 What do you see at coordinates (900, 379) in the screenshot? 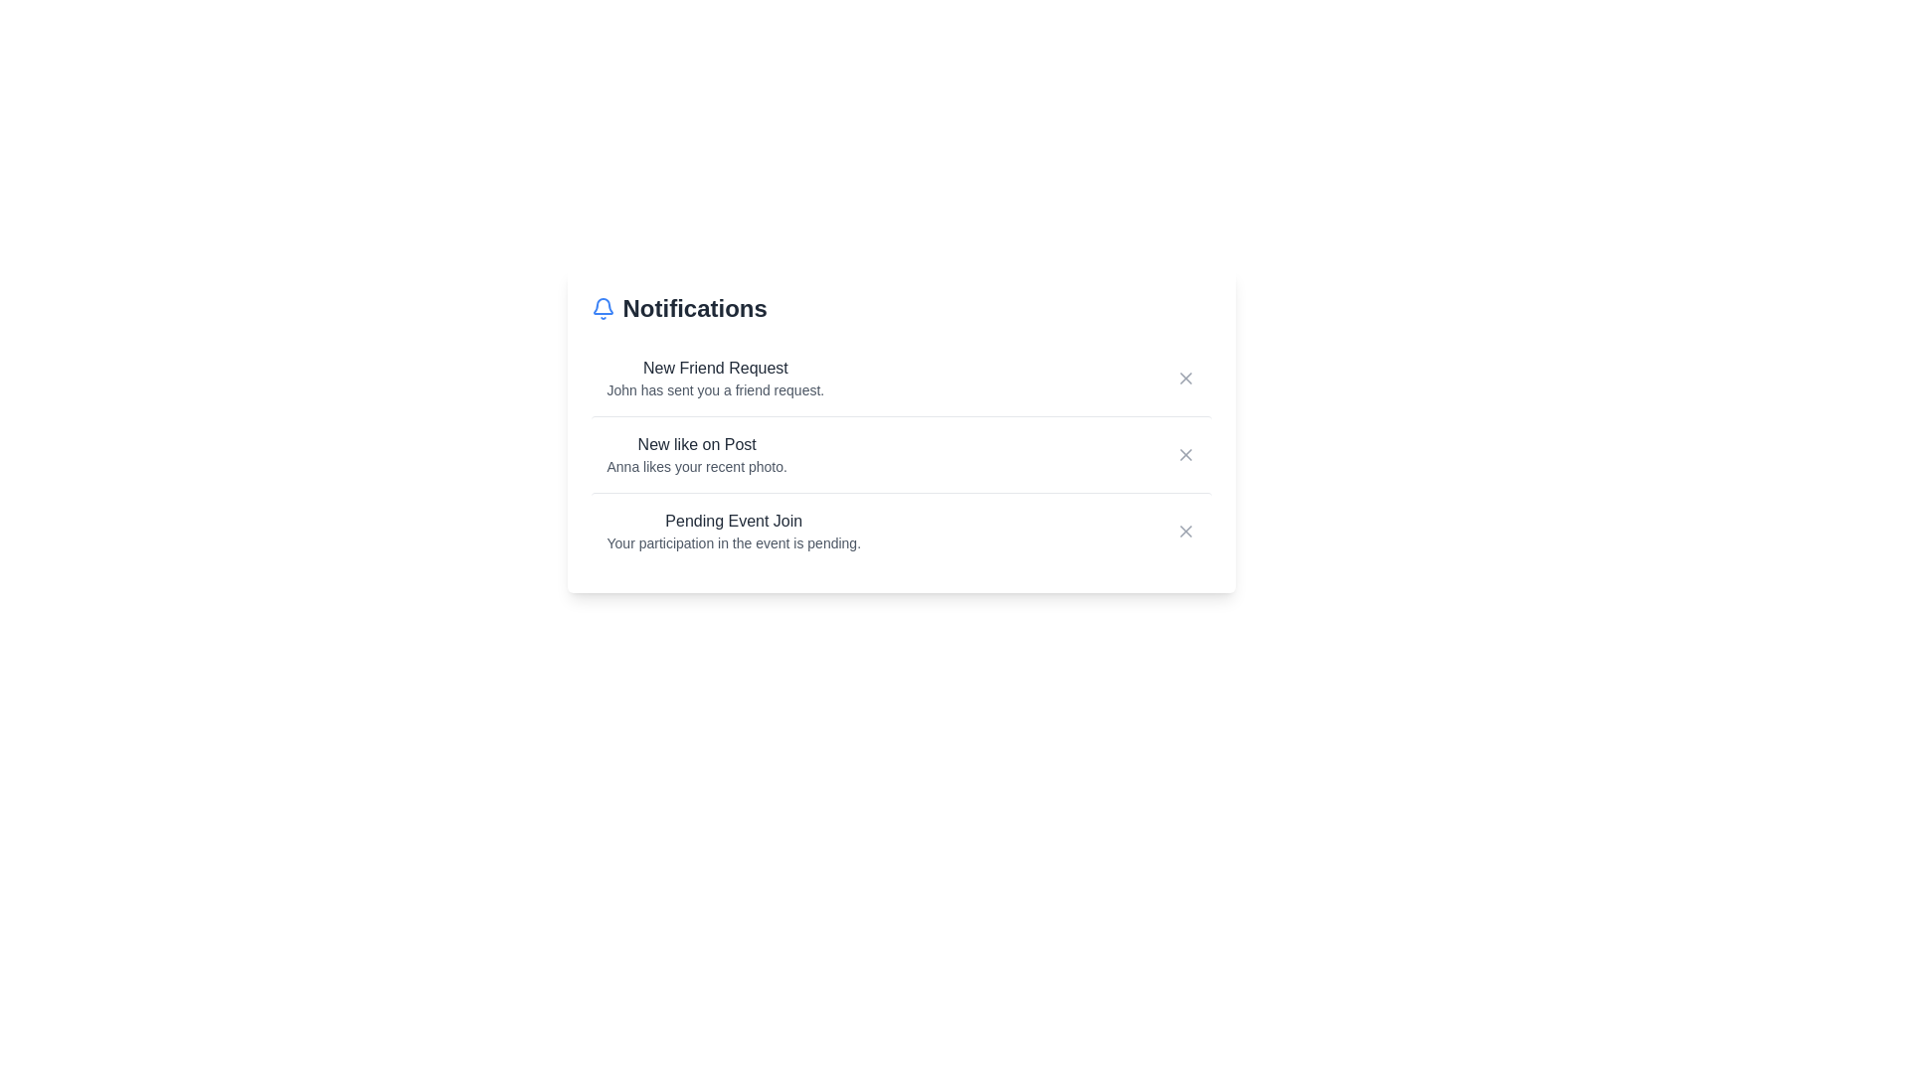
I see `the notification container for New Friend Request` at bounding box center [900, 379].